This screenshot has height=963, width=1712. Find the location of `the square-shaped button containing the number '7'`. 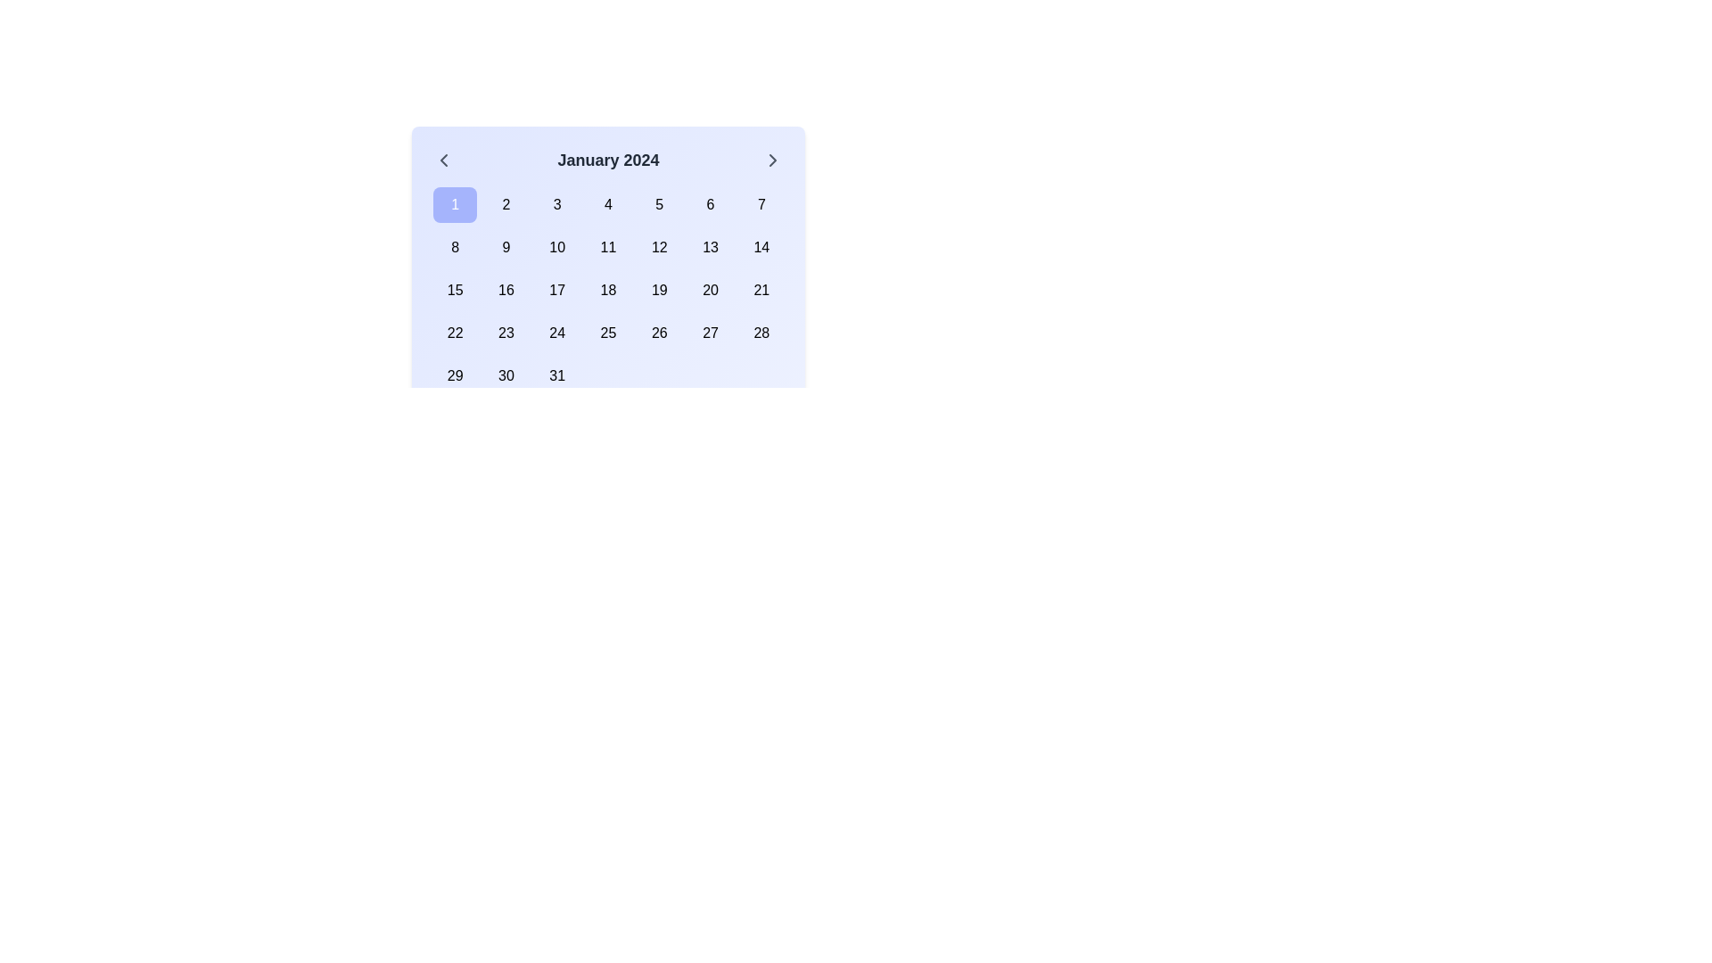

the square-shaped button containing the number '7' is located at coordinates (761, 204).